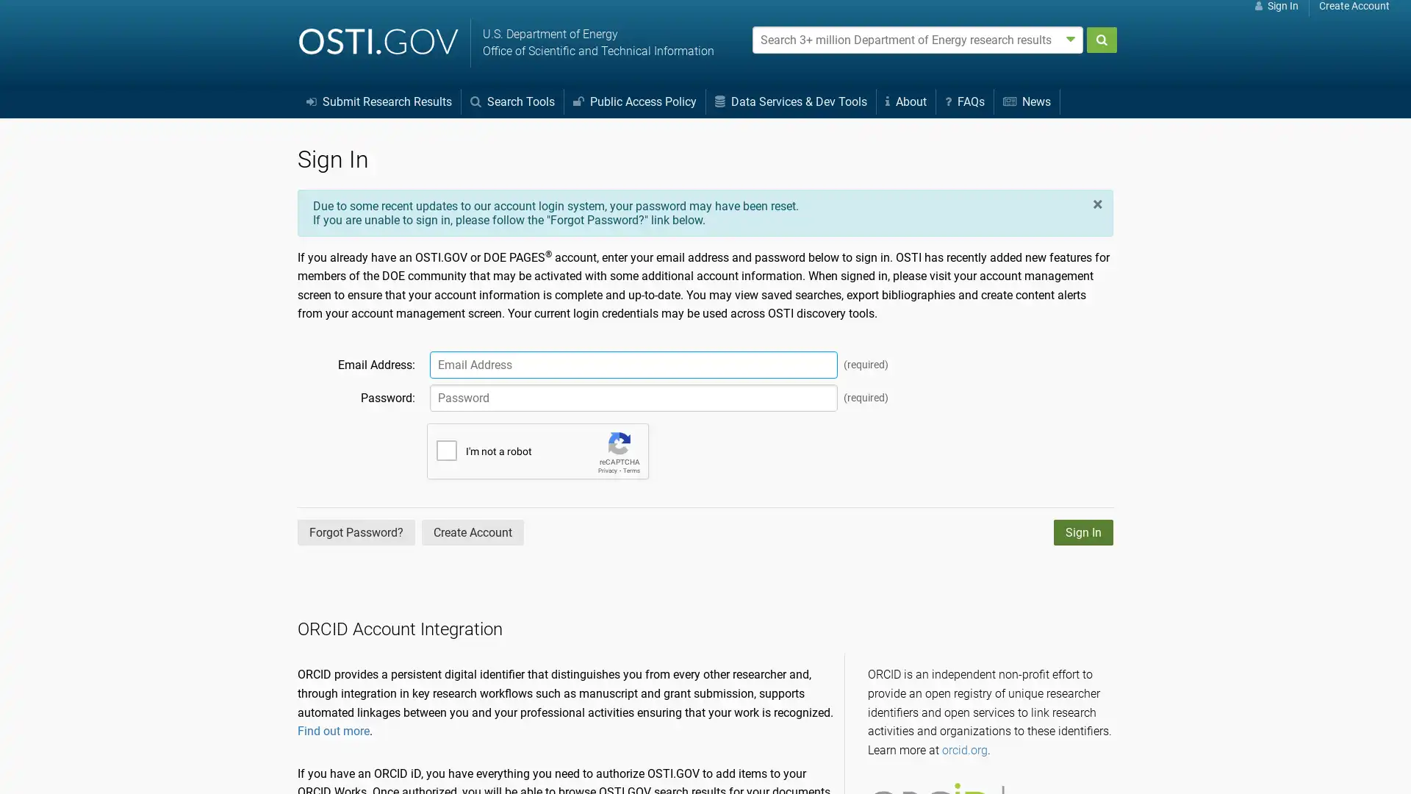 Image resolution: width=1411 pixels, height=794 pixels. I want to click on Sign In, so click(1083, 532).